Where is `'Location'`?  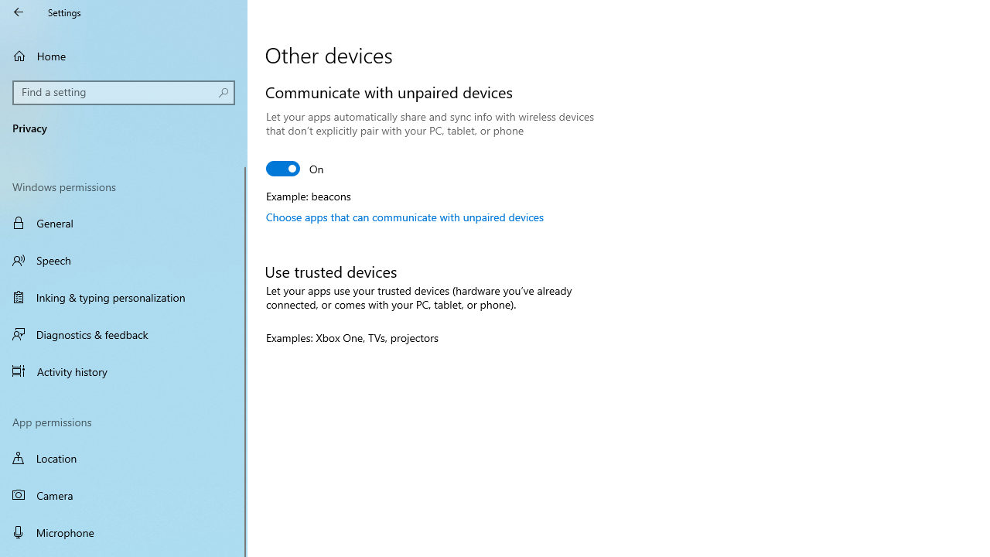
'Location' is located at coordinates (124, 457).